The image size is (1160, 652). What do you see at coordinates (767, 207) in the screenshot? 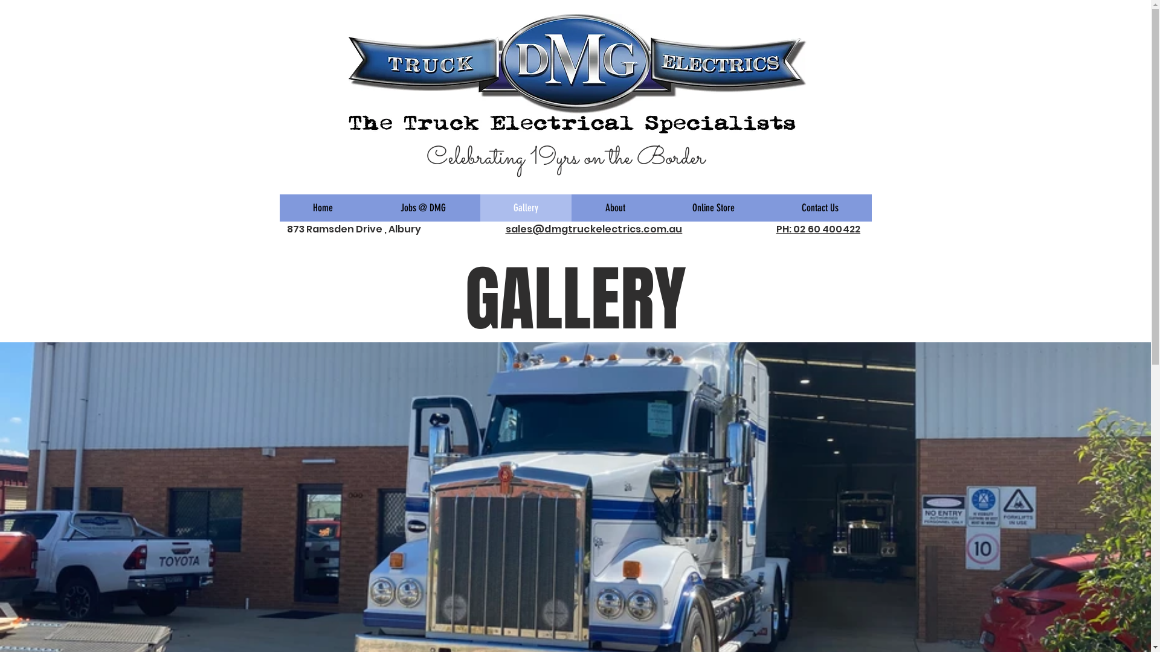
I see `'Contact Us'` at bounding box center [767, 207].